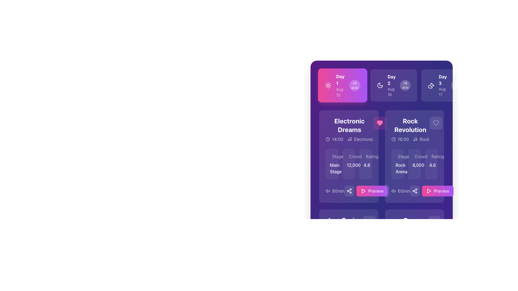  Describe the element at coordinates (372, 157) in the screenshot. I see `the 'Rating' text label located at the top-right corner of the right card, which is positioned below the section title and above the rating number` at that location.